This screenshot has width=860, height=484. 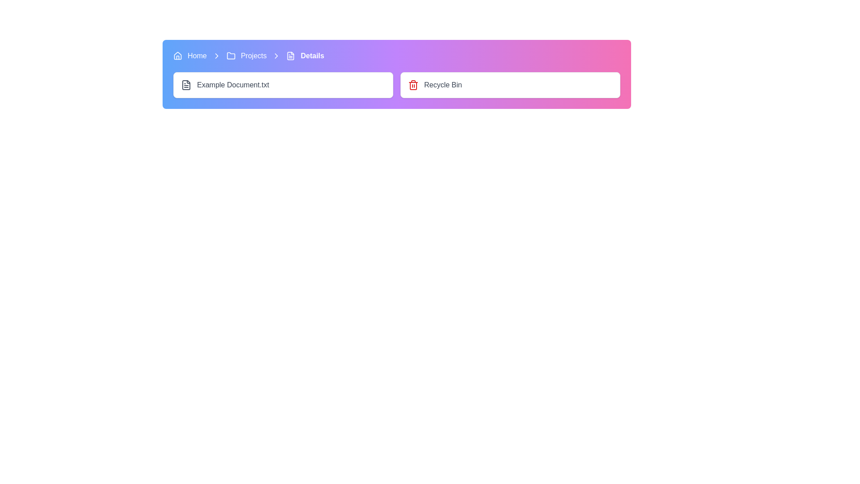 What do you see at coordinates (186, 85) in the screenshot?
I see `the file icon styled as a document with text, located next to the label 'Example Document.txt', to initiate a file-related action` at bounding box center [186, 85].